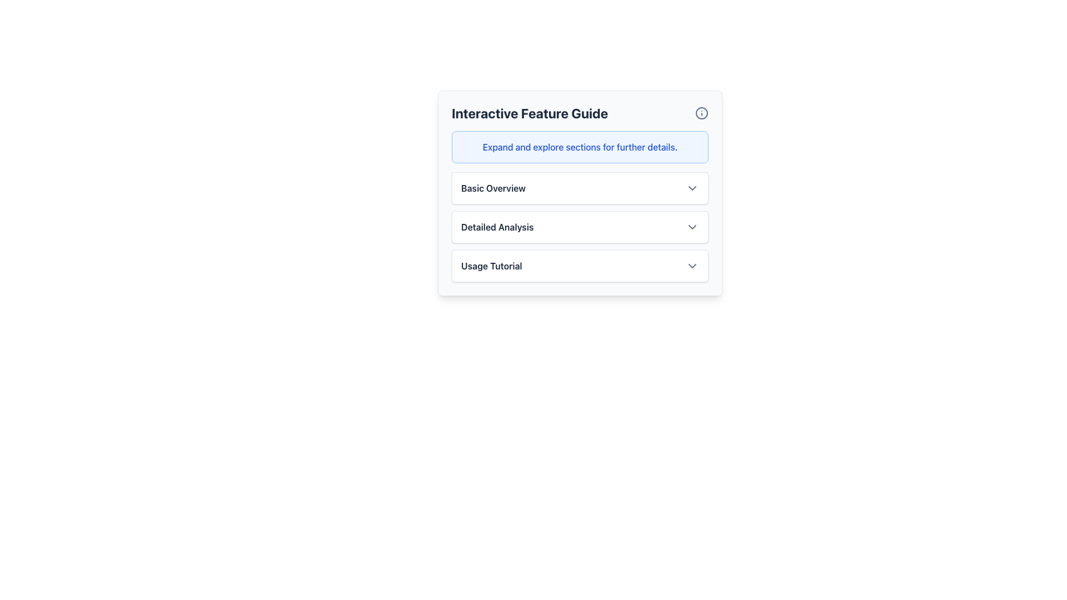 This screenshot has height=600, width=1067. What do you see at coordinates (701, 113) in the screenshot?
I see `the SVG Circle Element of the information icon located in the upper-right corner of the 'Interactive Feature Guide' panel` at bounding box center [701, 113].